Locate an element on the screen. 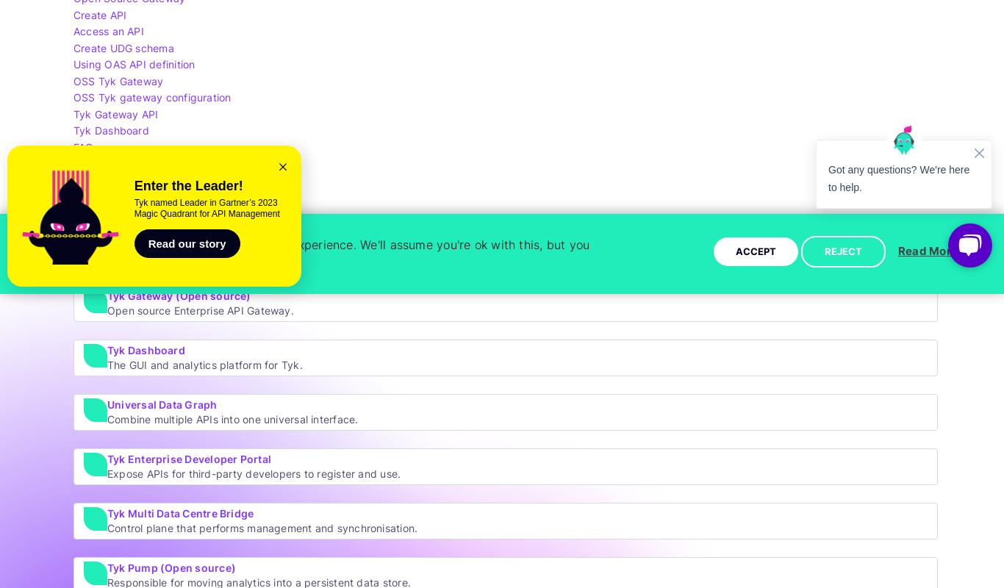 This screenshot has width=1004, height=588. 'Read More' is located at coordinates (927, 250).